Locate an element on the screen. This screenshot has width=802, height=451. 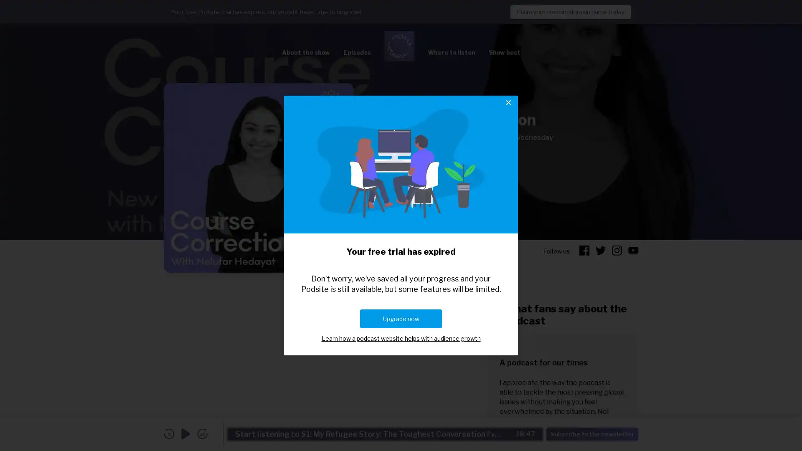
skip forward 30 seconds is located at coordinates (202, 433).